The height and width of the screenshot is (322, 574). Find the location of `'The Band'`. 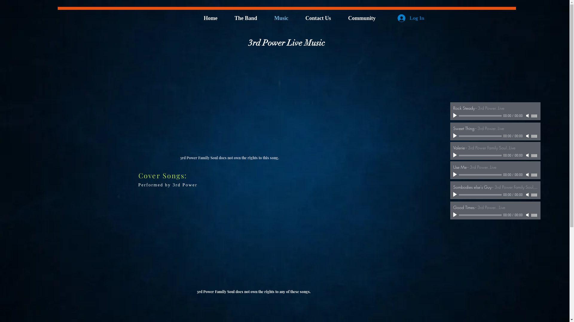

'The Band' is located at coordinates (230, 18).